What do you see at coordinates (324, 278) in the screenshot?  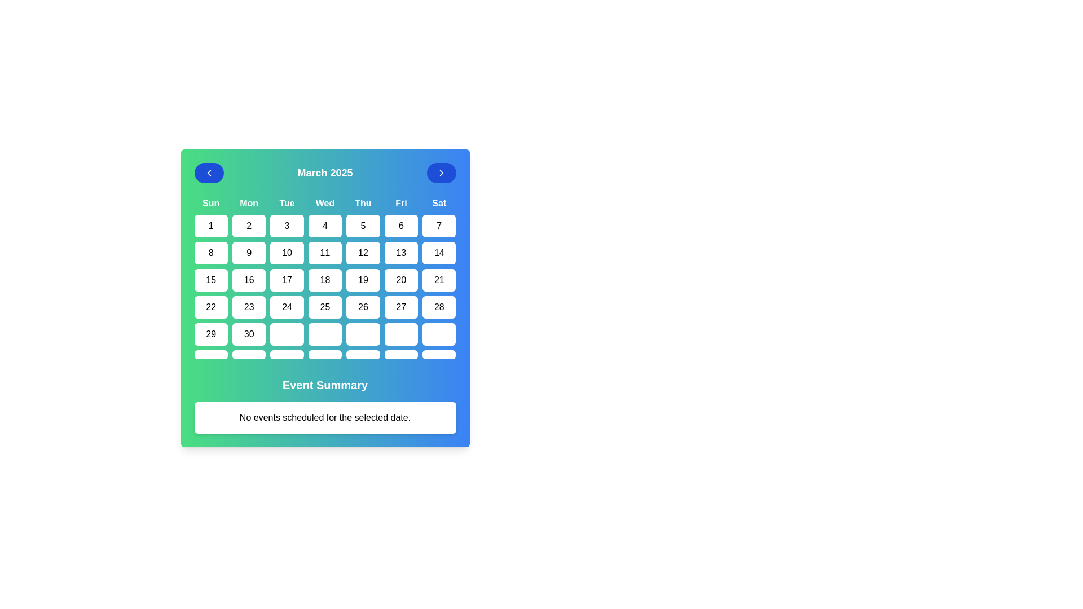 I see `a specific date cell in the Calendar Grid displayed for March 2025, located below the title and above the Event Summary section` at bounding box center [324, 278].